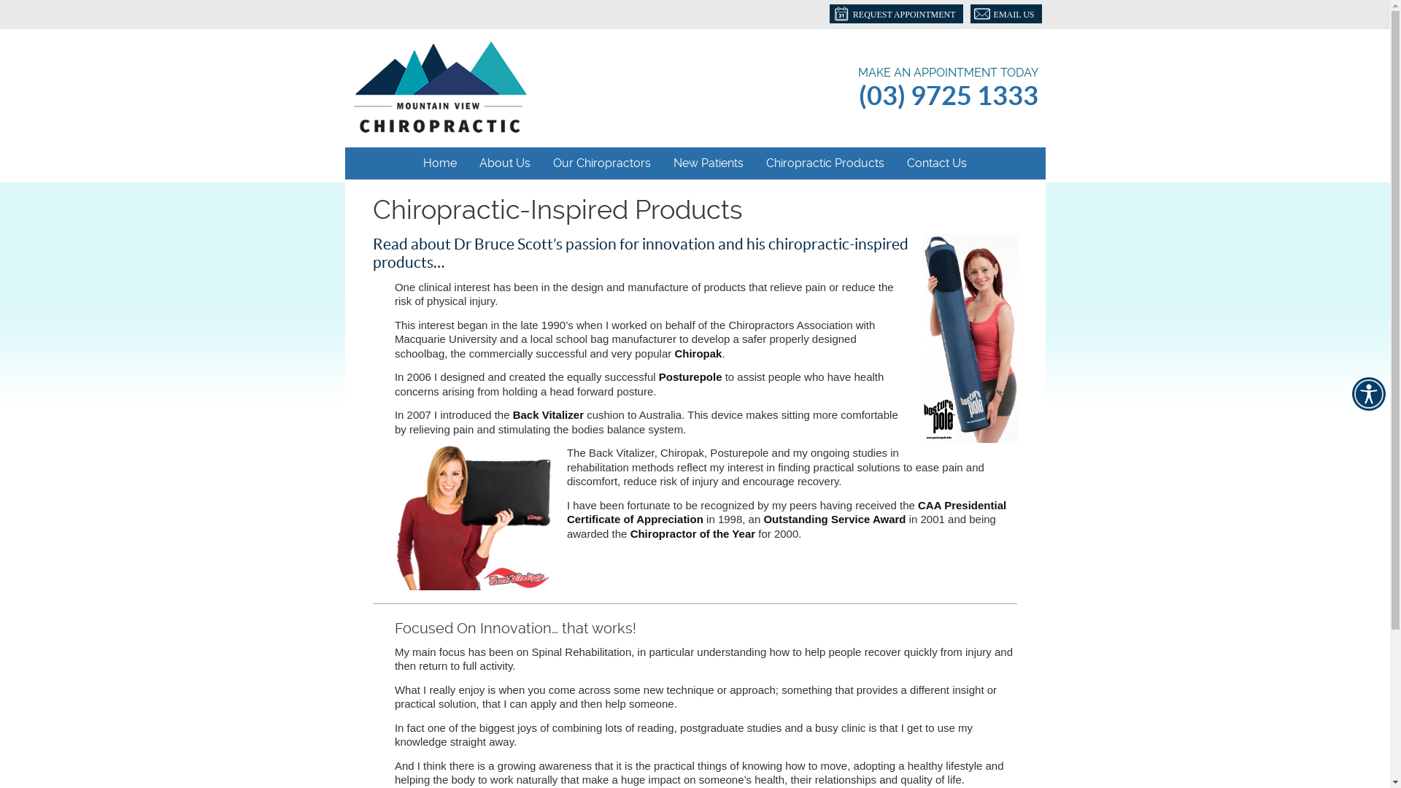 This screenshot has height=788, width=1401. Describe the element at coordinates (825, 163) in the screenshot. I see `'Chiropractic Products'` at that location.